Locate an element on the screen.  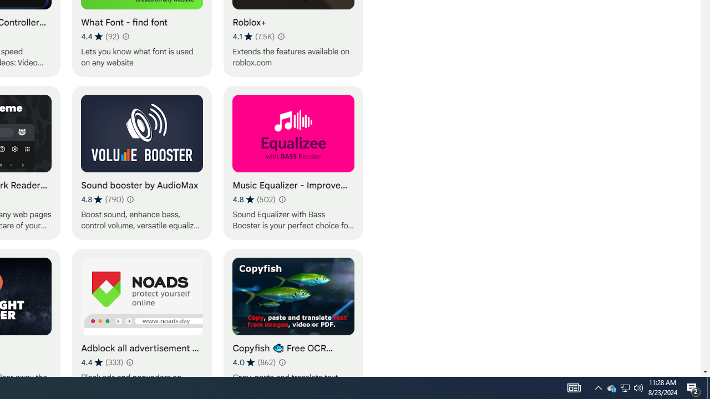
'Average rating 4.8 out of 5 stars. 790 ratings.' is located at coordinates (102, 199).